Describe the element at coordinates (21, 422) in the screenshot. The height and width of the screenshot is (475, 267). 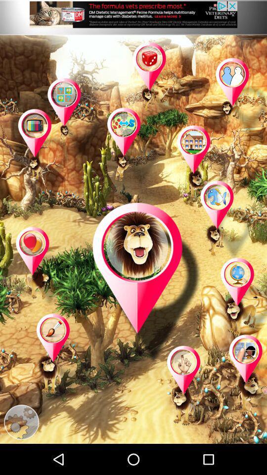
I see `open settings` at that location.